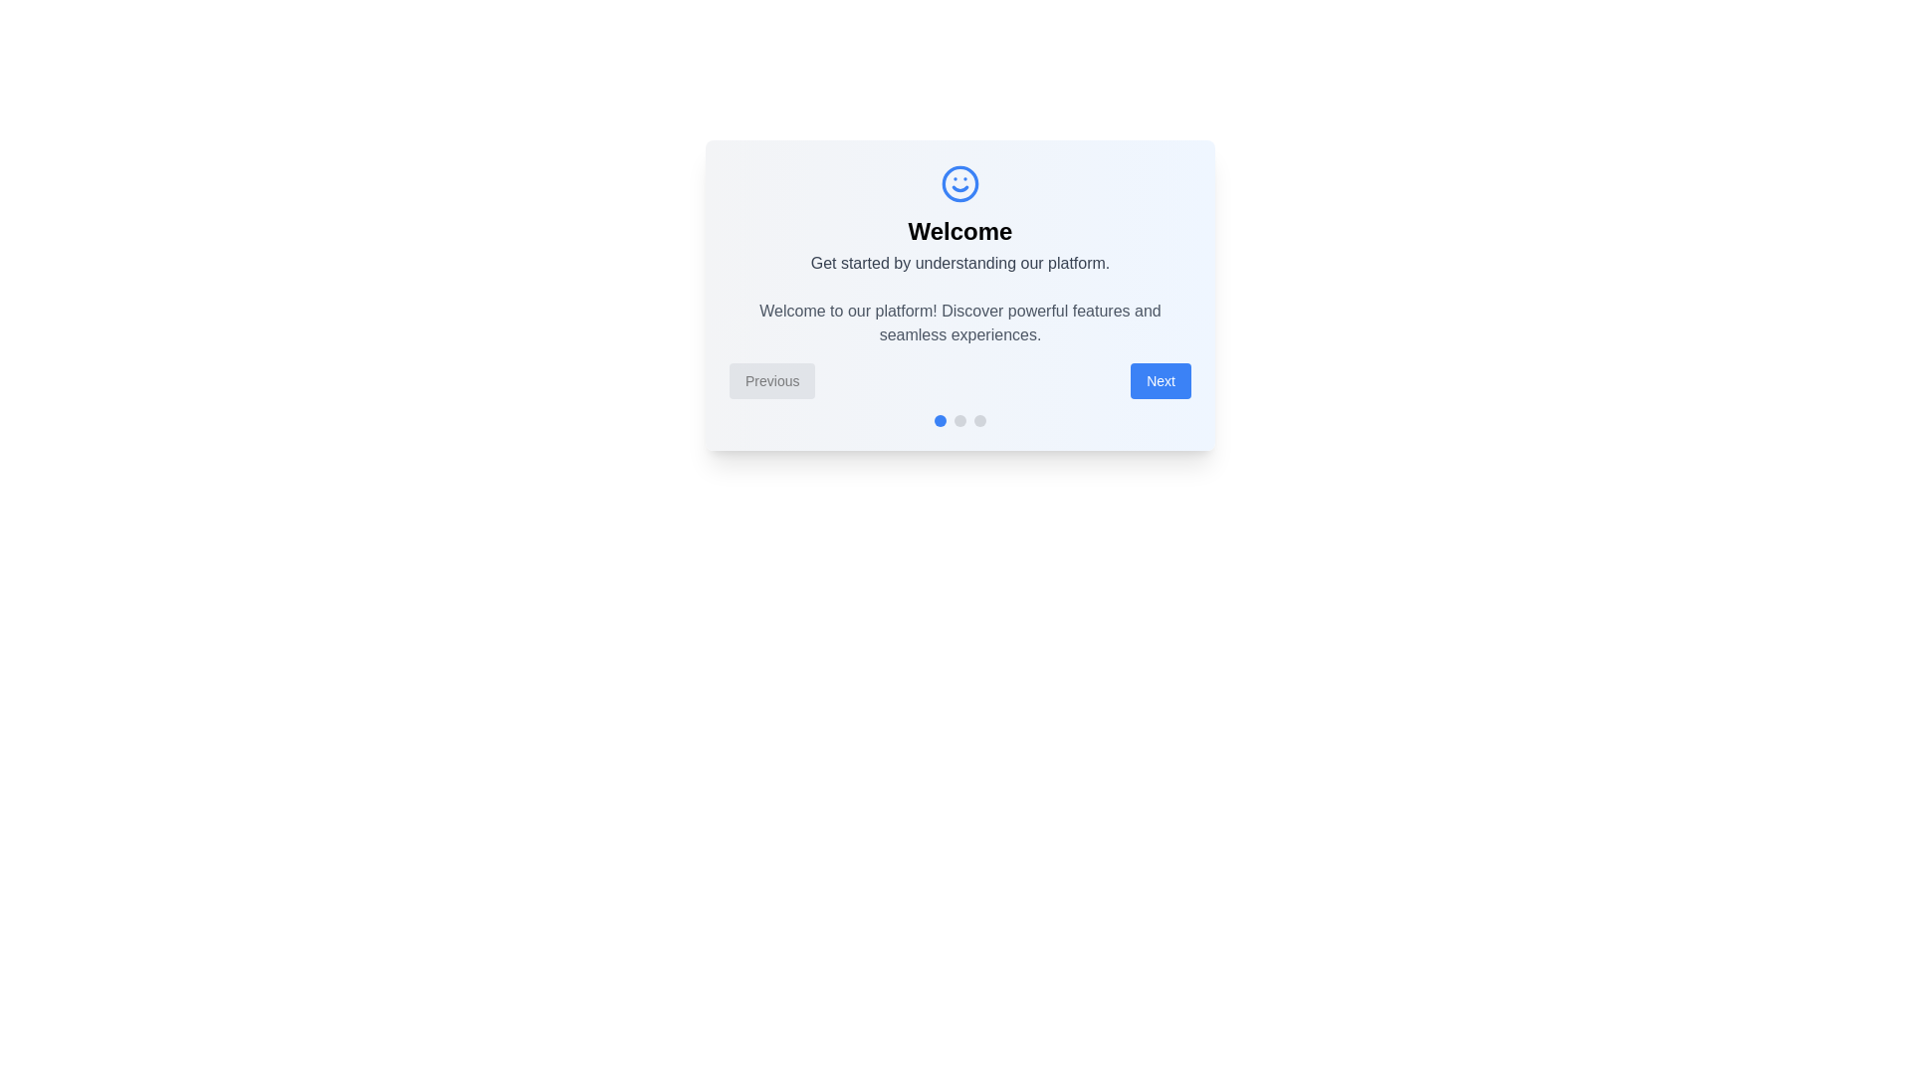  What do you see at coordinates (771, 380) in the screenshot?
I see `the Previous button to navigate between steps` at bounding box center [771, 380].